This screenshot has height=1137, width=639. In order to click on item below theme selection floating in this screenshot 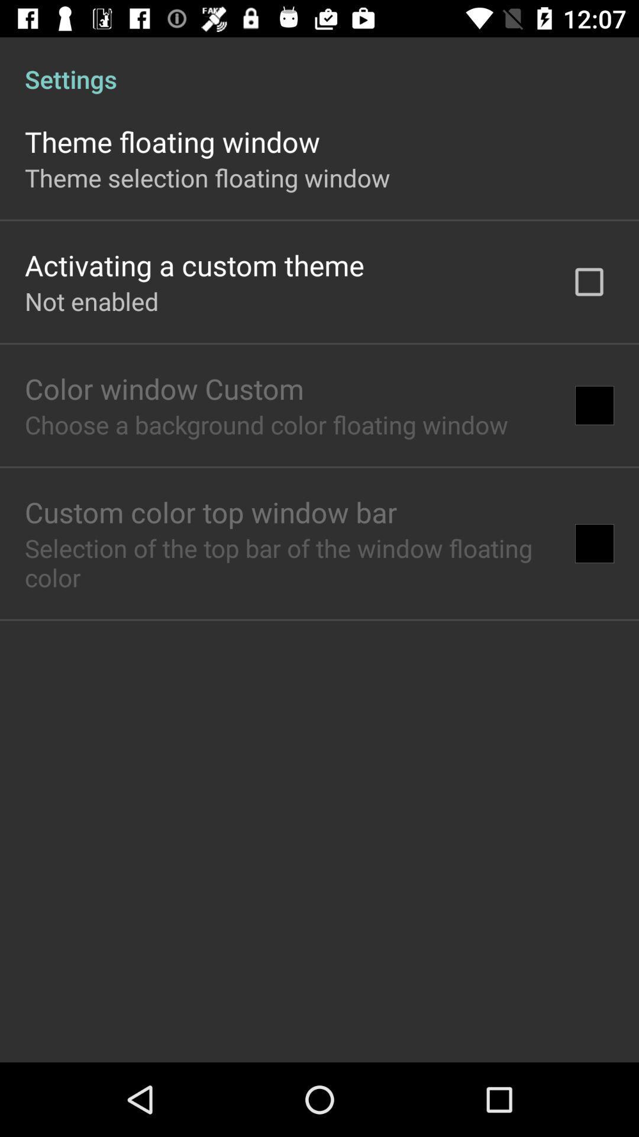, I will do `click(193, 264)`.